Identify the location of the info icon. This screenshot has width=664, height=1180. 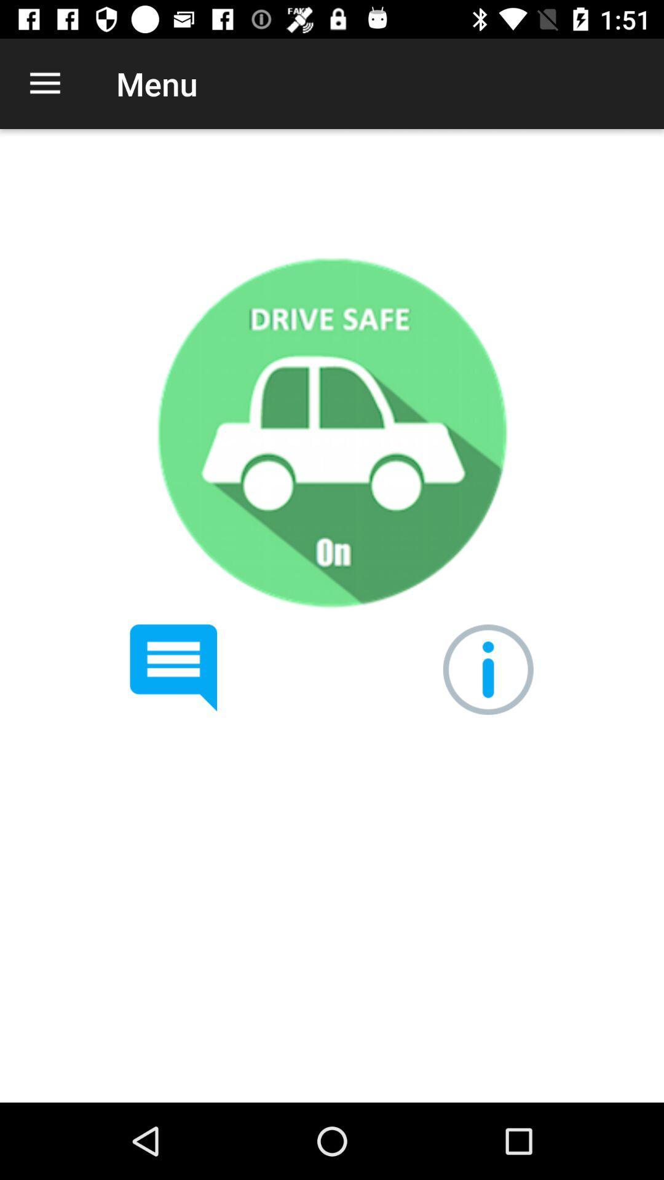
(488, 669).